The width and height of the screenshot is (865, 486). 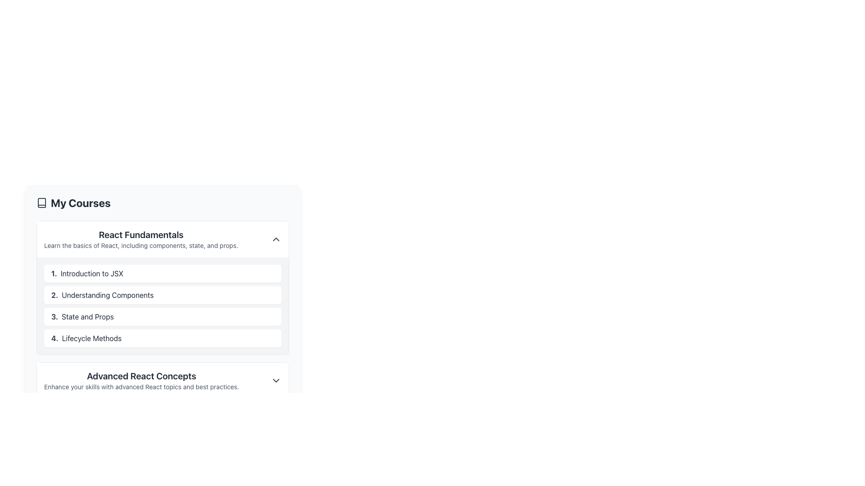 I want to click on the 'Advanced React Concepts' Collapsible Section Header to interact with the section and expand or collapse its content, so click(x=163, y=380).